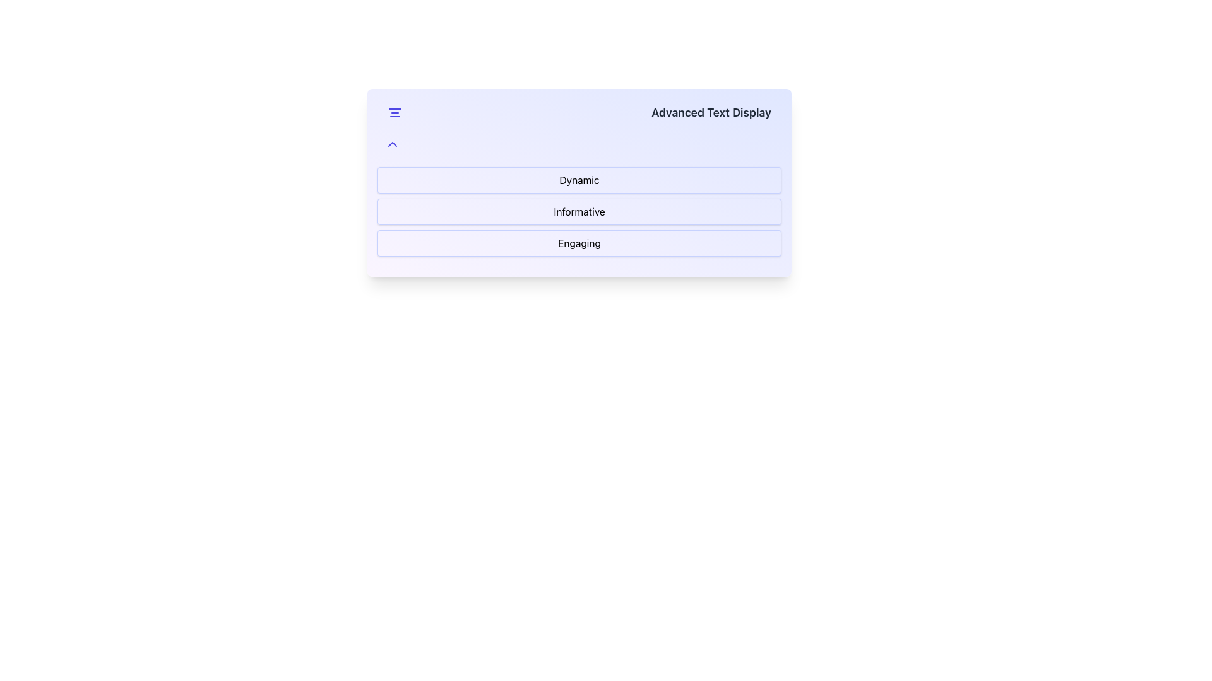 The height and width of the screenshot is (681, 1212). What do you see at coordinates (578, 211) in the screenshot?
I see `the Static Label displaying 'Informative', which is visually distinct with a light background and border, positioned between the 'Dynamic' and 'Engaging' elements` at bounding box center [578, 211].